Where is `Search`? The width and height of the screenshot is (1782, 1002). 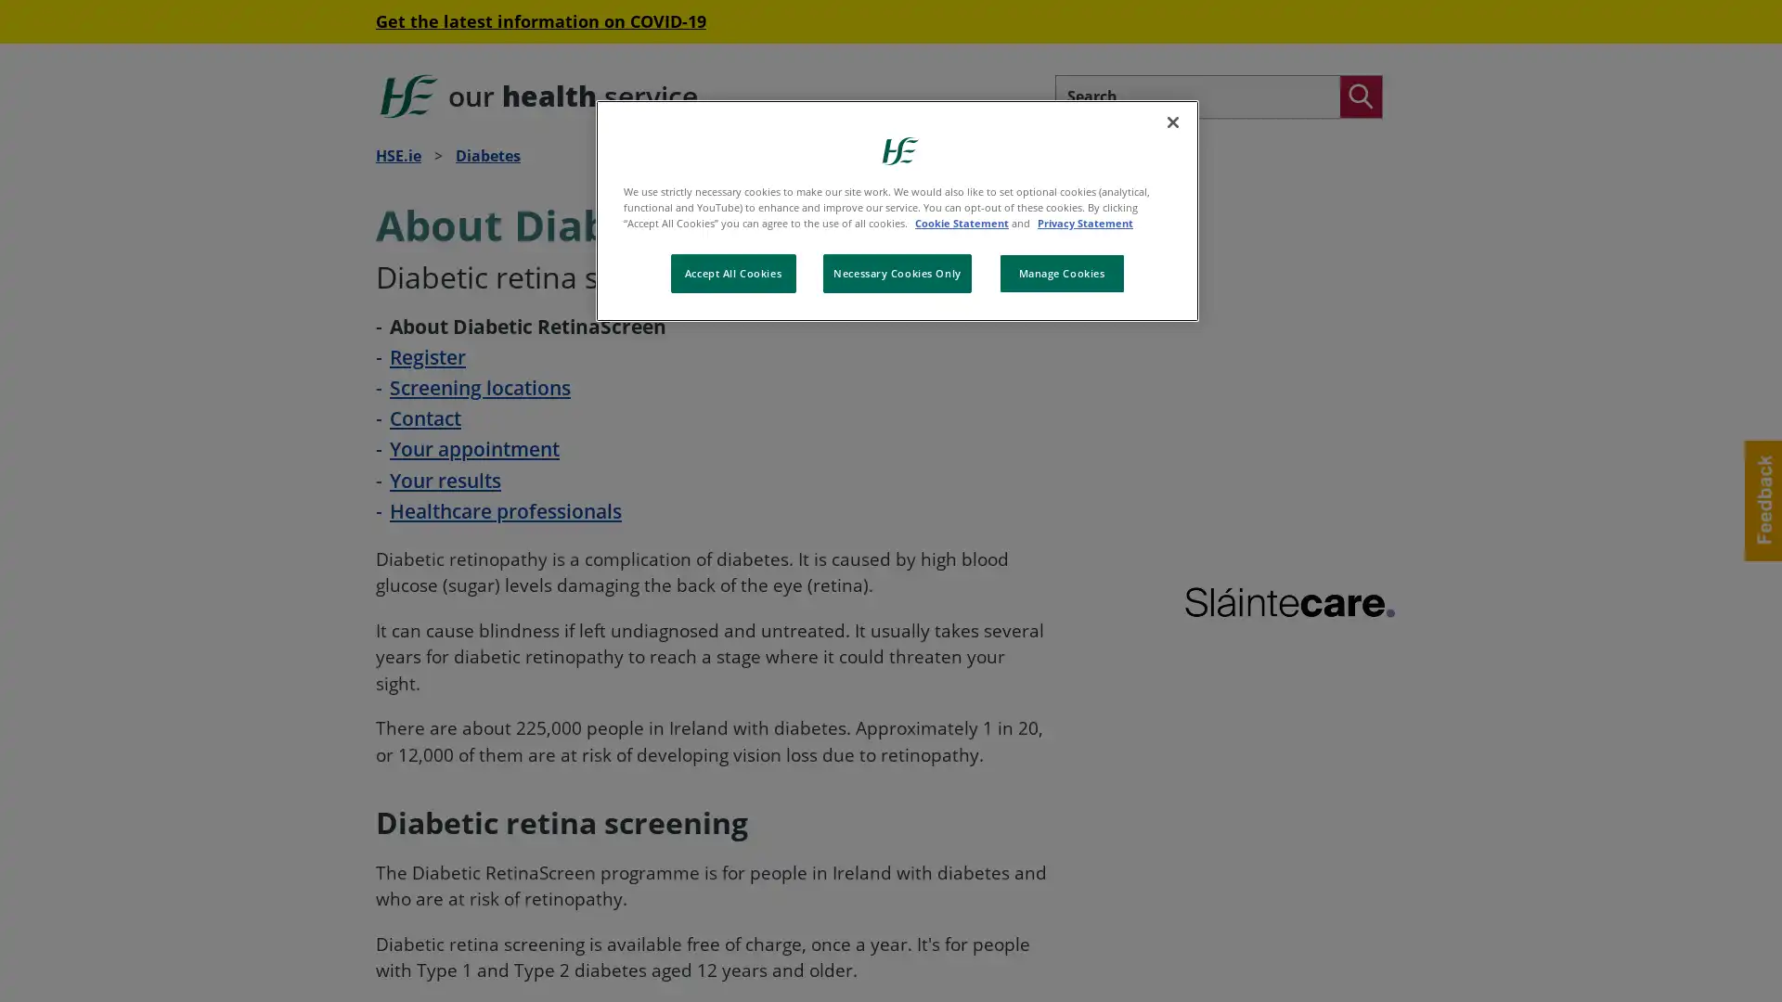
Search is located at coordinates (1361, 96).